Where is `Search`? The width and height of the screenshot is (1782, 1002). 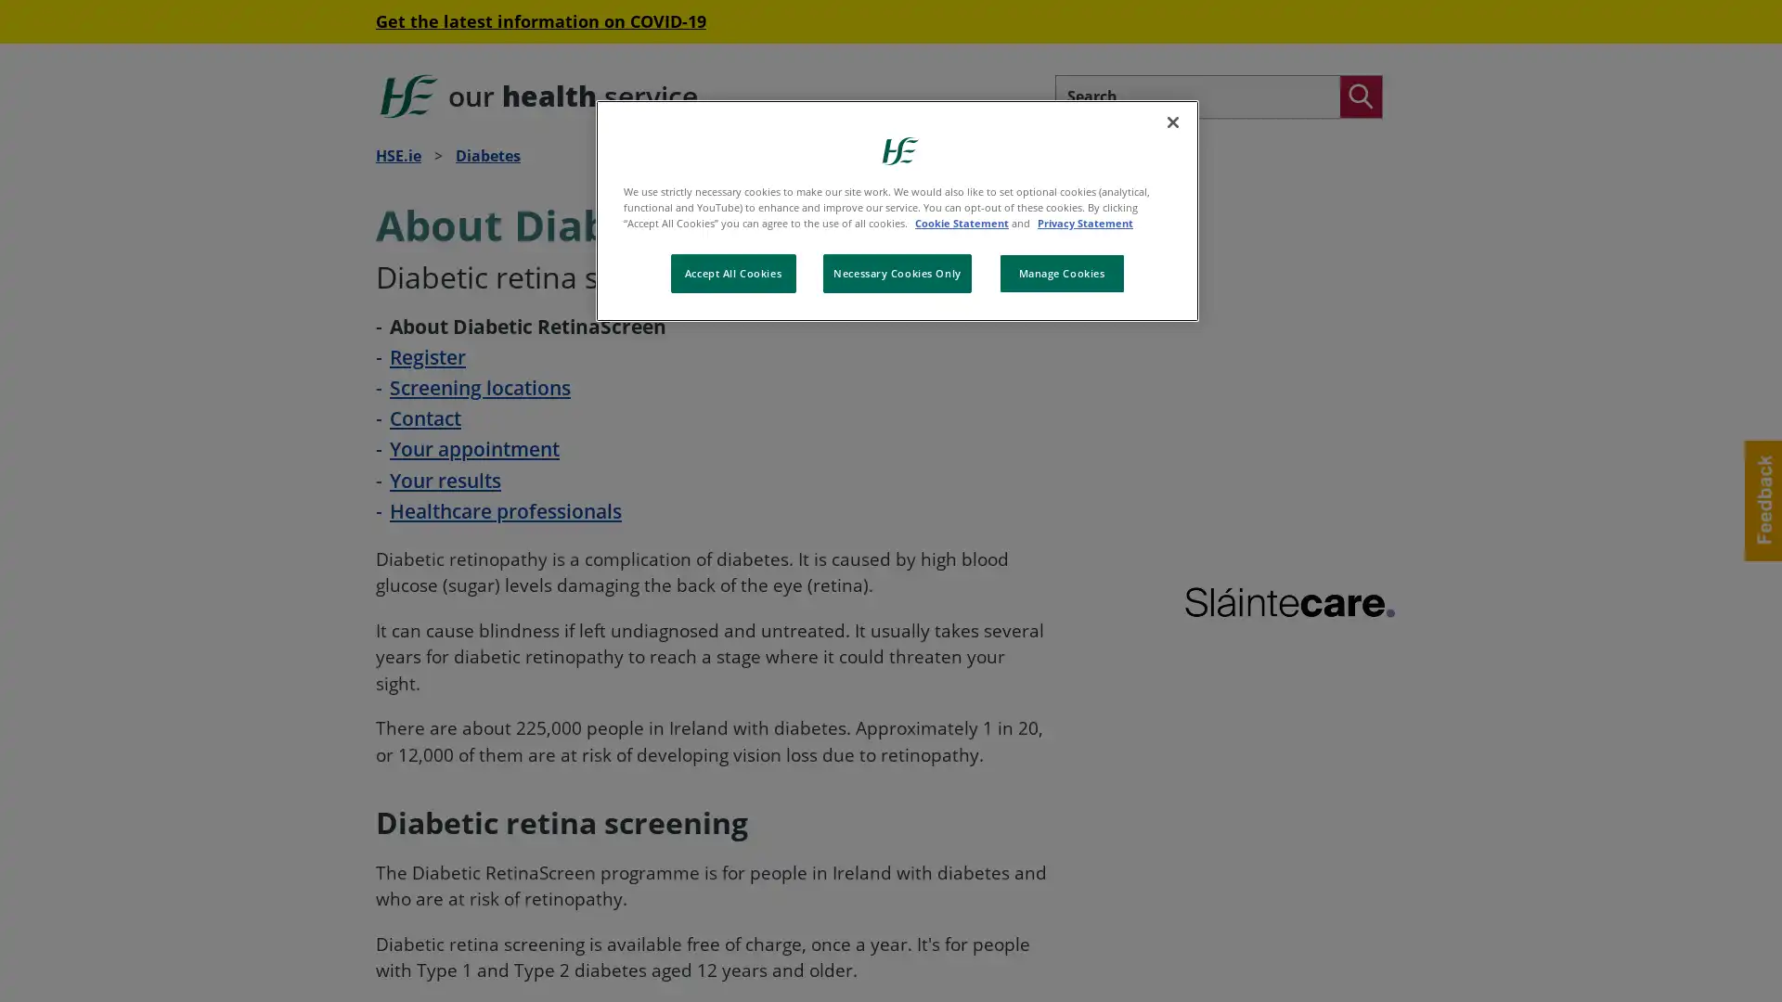
Search is located at coordinates (1361, 96).